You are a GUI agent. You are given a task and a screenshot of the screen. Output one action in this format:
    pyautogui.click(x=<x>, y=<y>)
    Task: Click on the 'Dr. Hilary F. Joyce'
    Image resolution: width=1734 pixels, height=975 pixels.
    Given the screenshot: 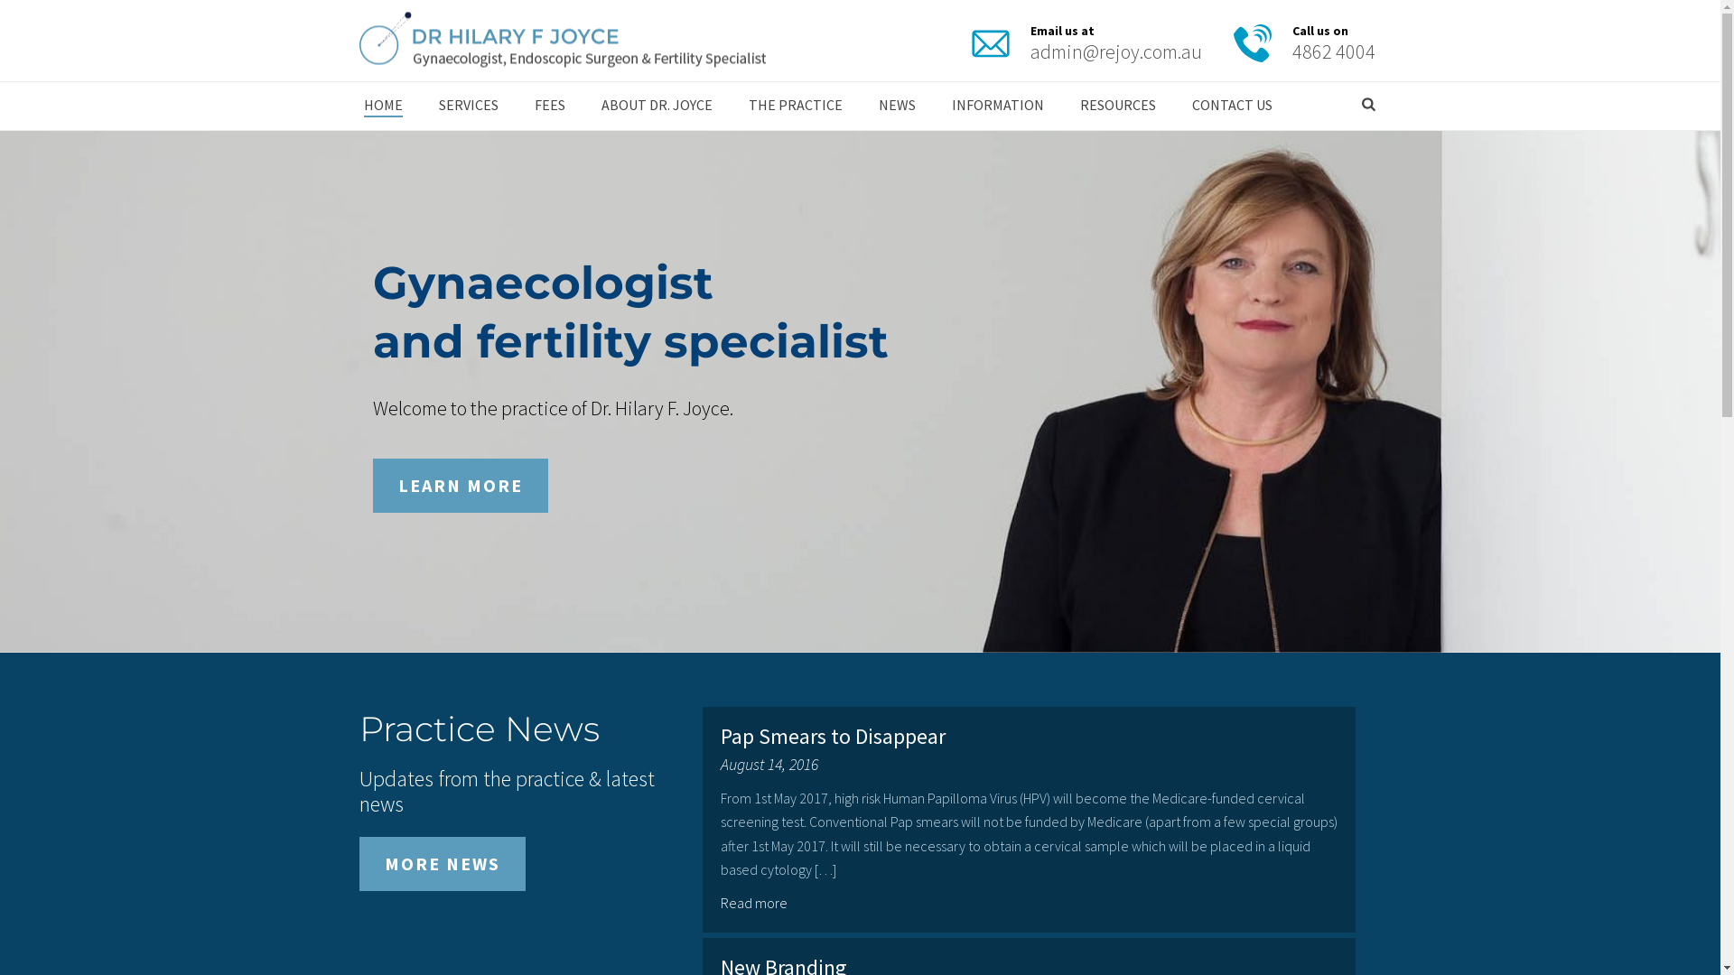 What is the action you would take?
    pyautogui.click(x=562, y=41)
    